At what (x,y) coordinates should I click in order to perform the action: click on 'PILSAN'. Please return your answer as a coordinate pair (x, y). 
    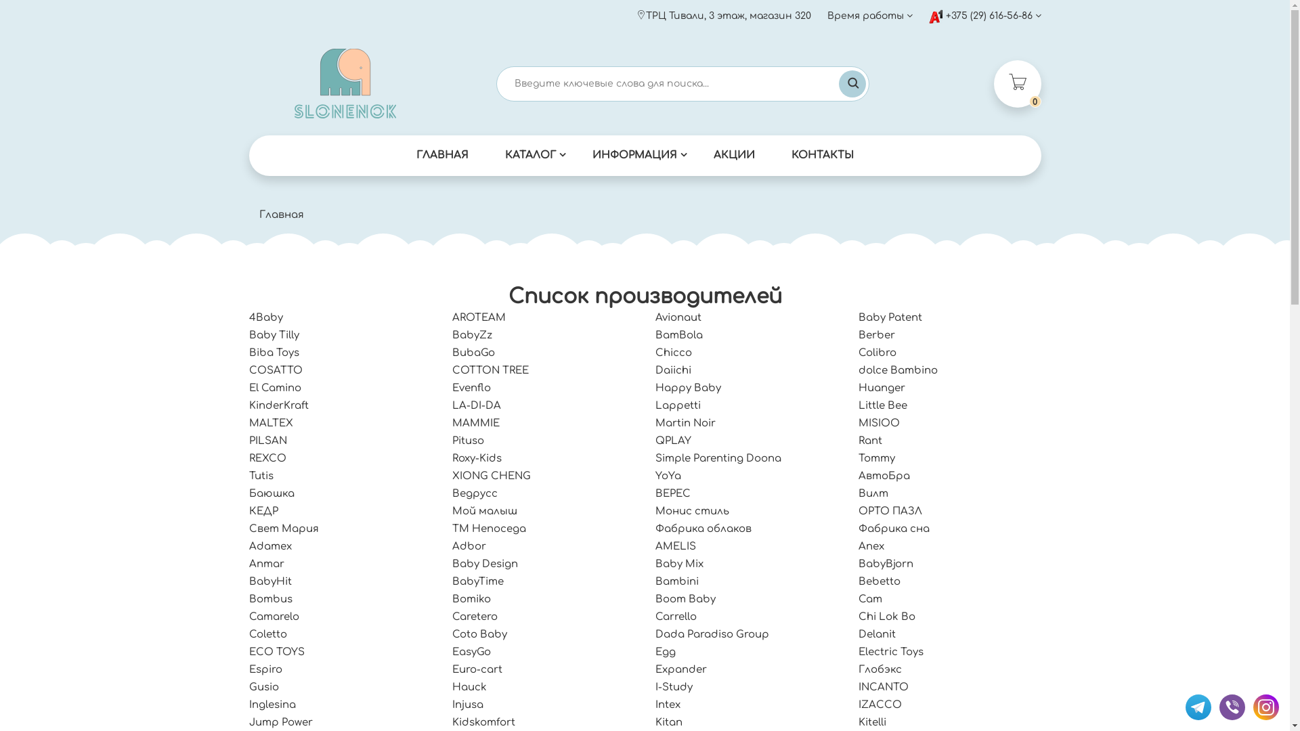
    Looking at the image, I should click on (249, 441).